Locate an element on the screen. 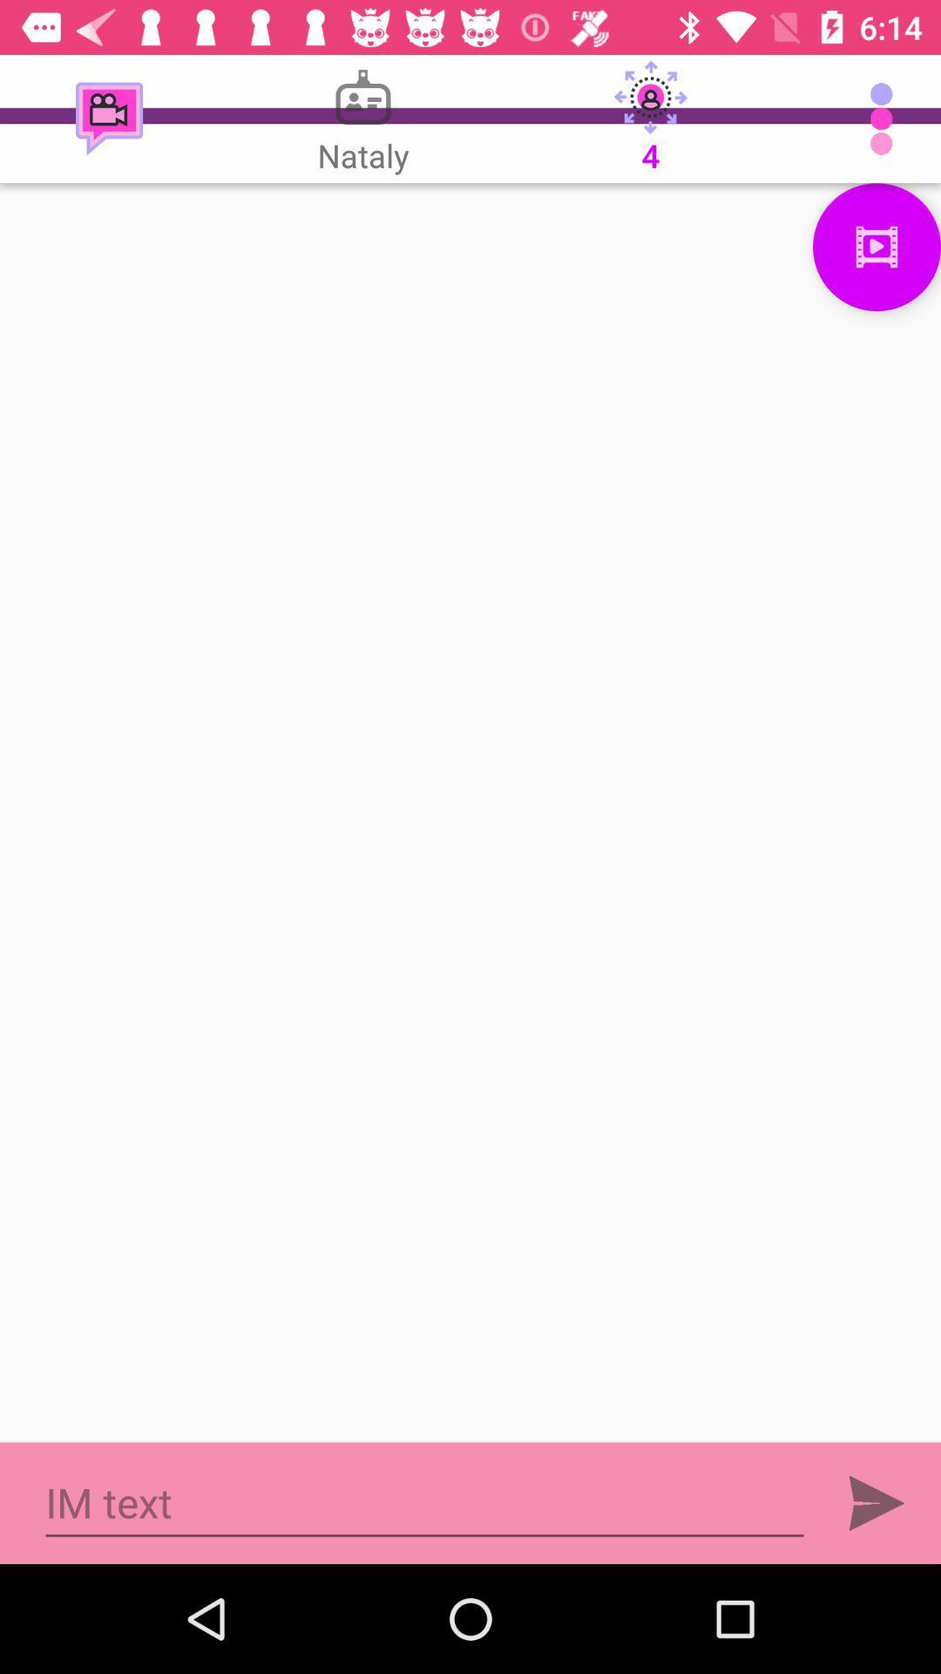 The height and width of the screenshot is (1674, 941). button is located at coordinates (877, 1502).